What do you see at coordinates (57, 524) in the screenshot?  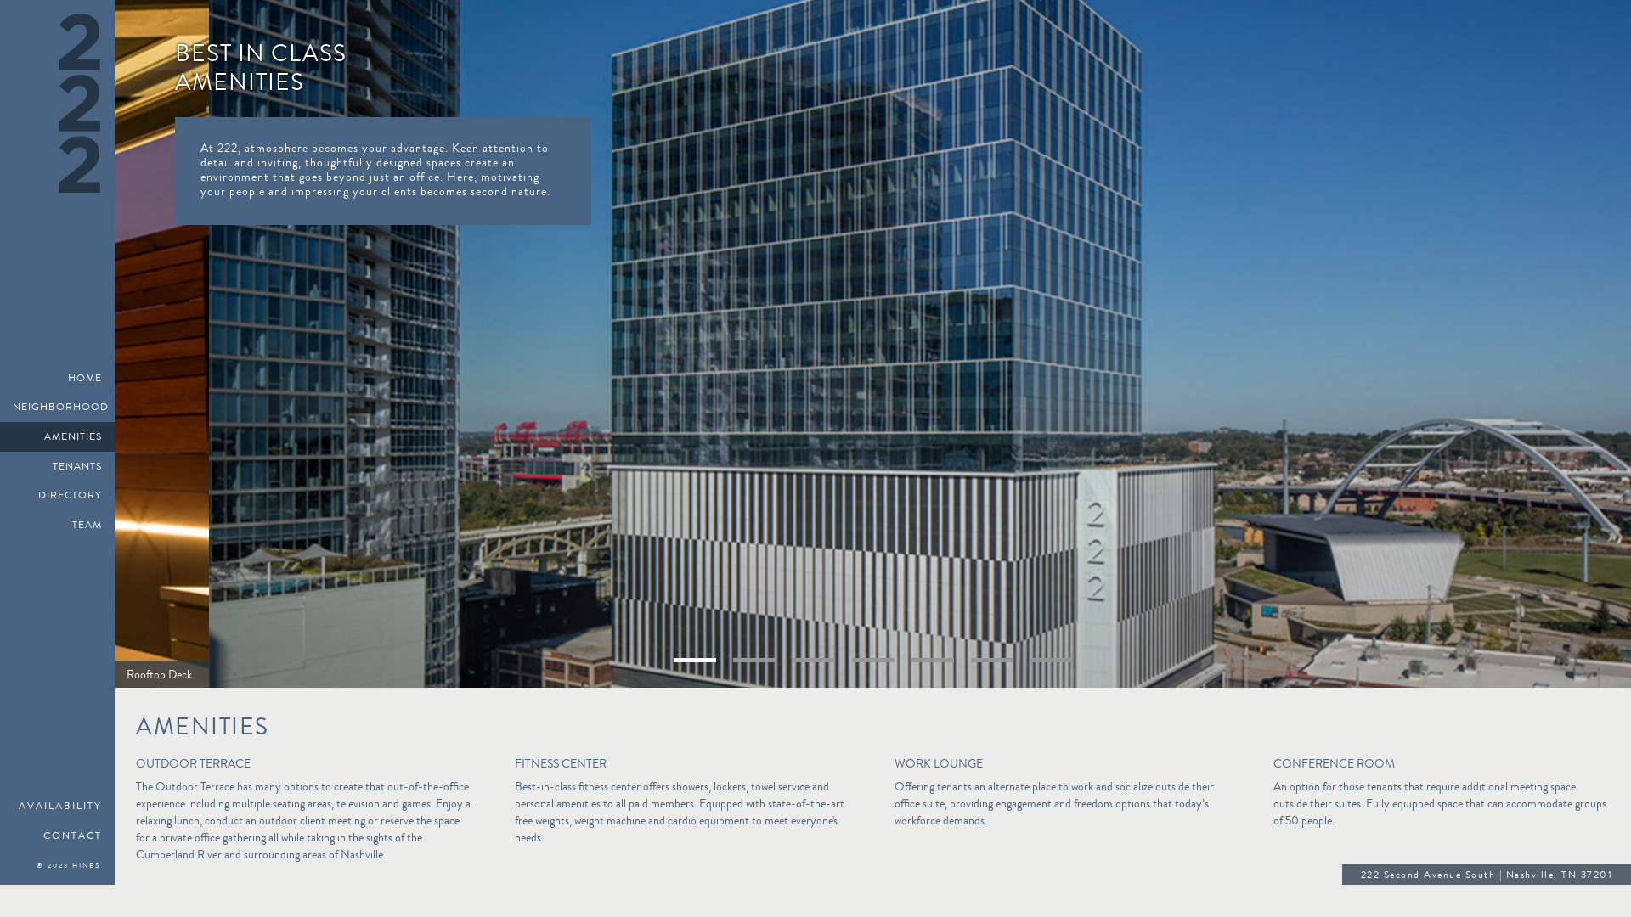 I see `'TEAM'` at bounding box center [57, 524].